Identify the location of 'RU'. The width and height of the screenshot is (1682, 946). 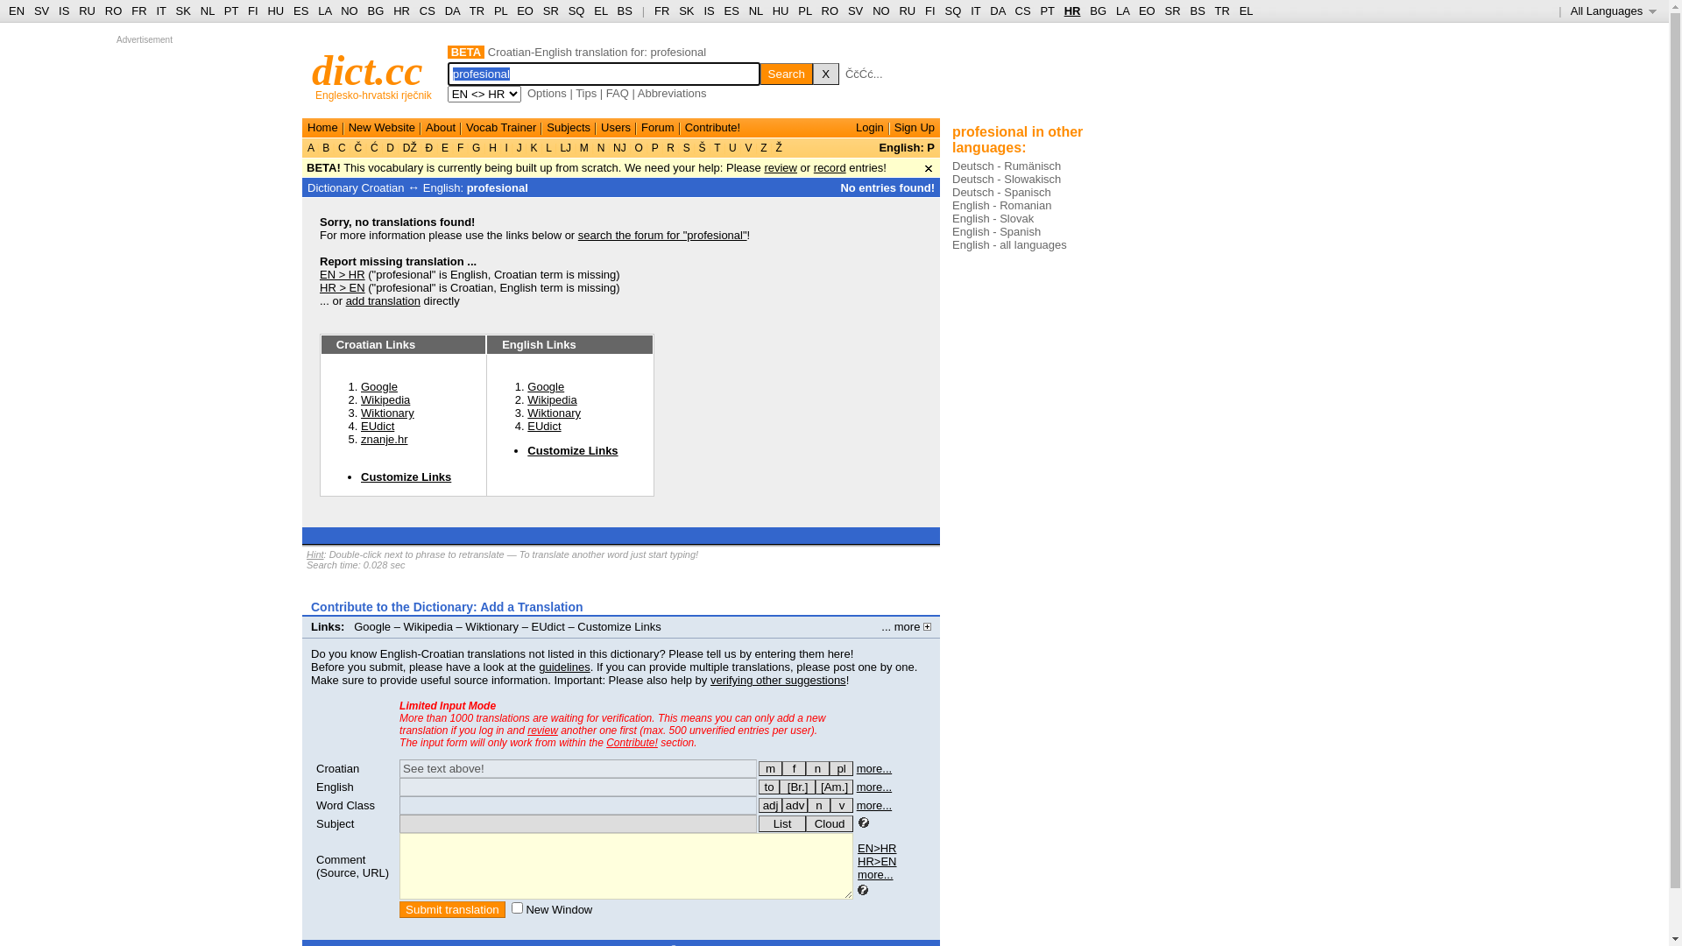
(907, 11).